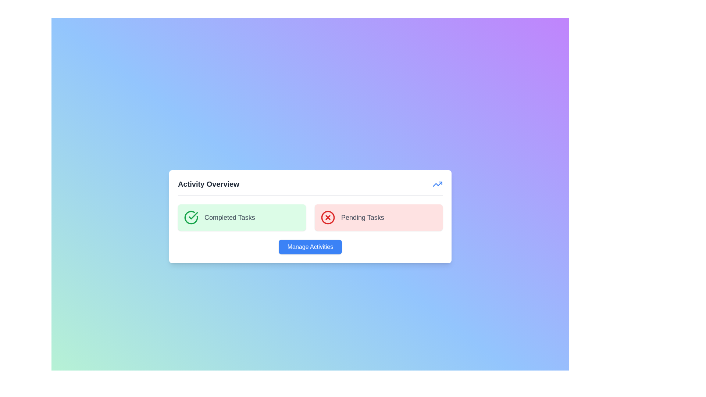  I want to click on the text label that describes pending tasks, located to the right of a red circular icon with a cross symbol within a panel that displays task-related summaries, so click(363, 217).